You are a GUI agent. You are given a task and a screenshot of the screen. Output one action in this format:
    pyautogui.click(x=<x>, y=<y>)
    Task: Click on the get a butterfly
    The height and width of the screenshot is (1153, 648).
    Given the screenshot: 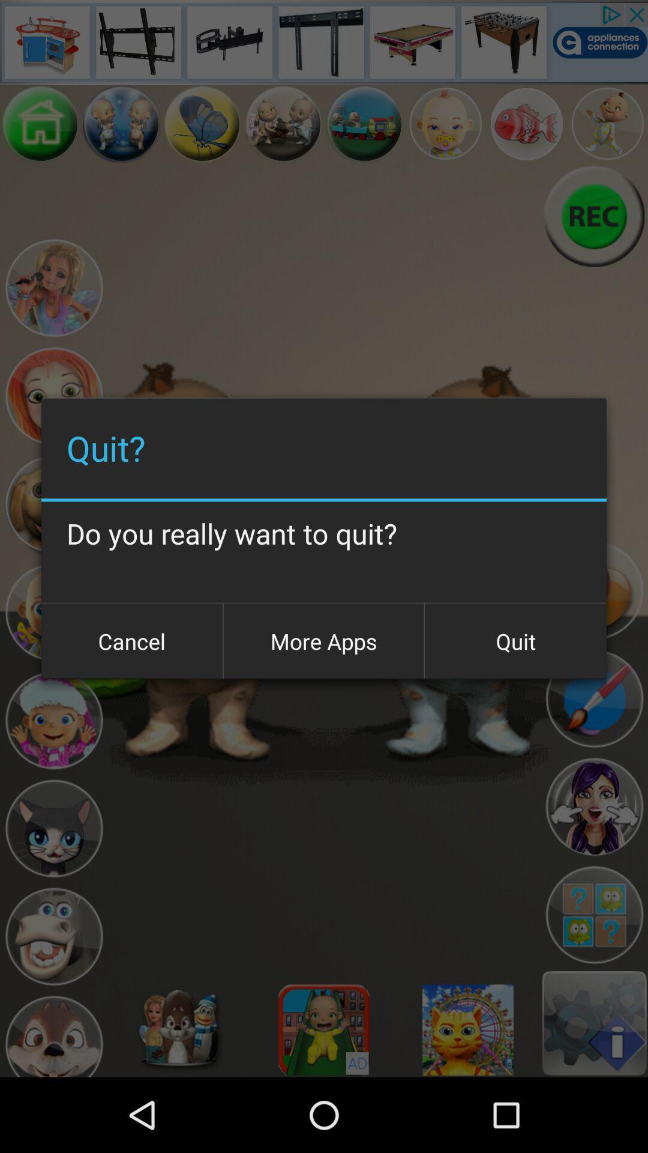 What is the action you would take?
    pyautogui.click(x=202, y=124)
    